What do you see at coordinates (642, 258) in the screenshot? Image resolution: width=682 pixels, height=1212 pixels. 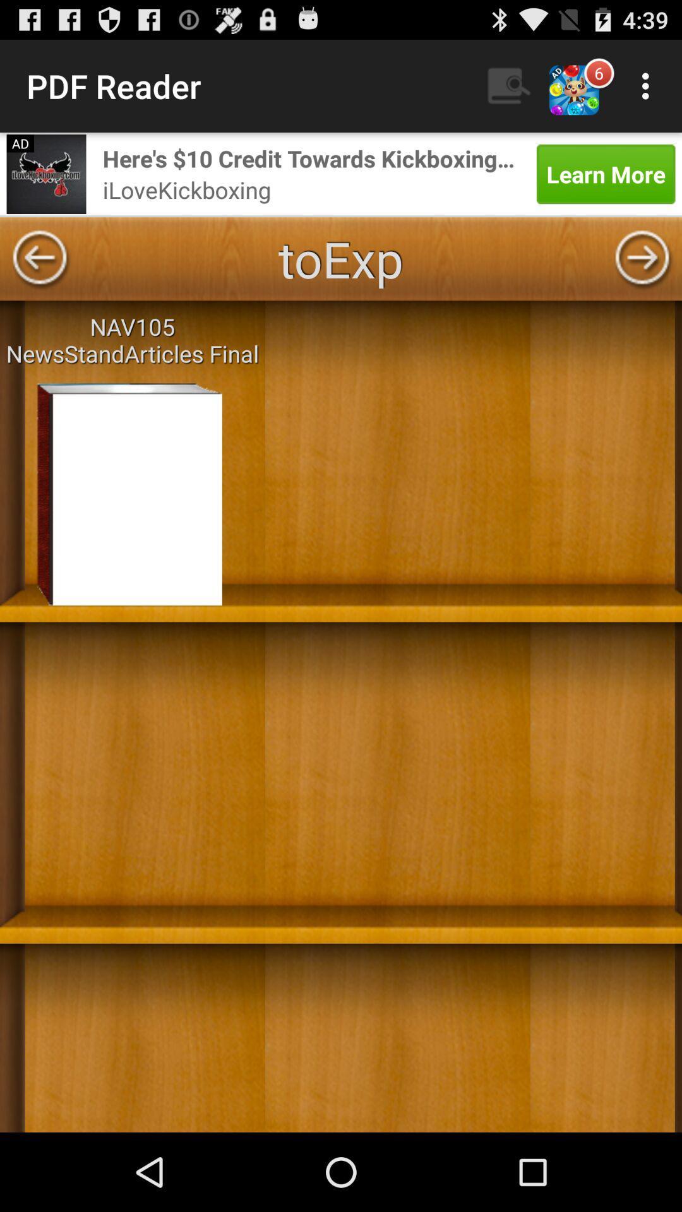 I see `button 'next` at bounding box center [642, 258].